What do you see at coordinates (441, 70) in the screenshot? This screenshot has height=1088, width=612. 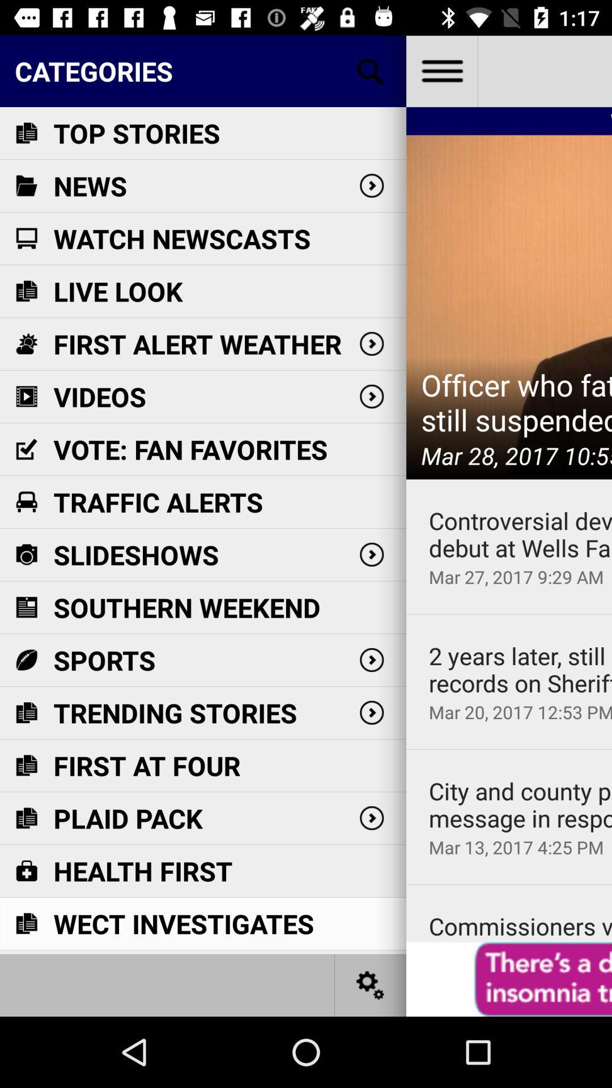 I see `the menu icon` at bounding box center [441, 70].